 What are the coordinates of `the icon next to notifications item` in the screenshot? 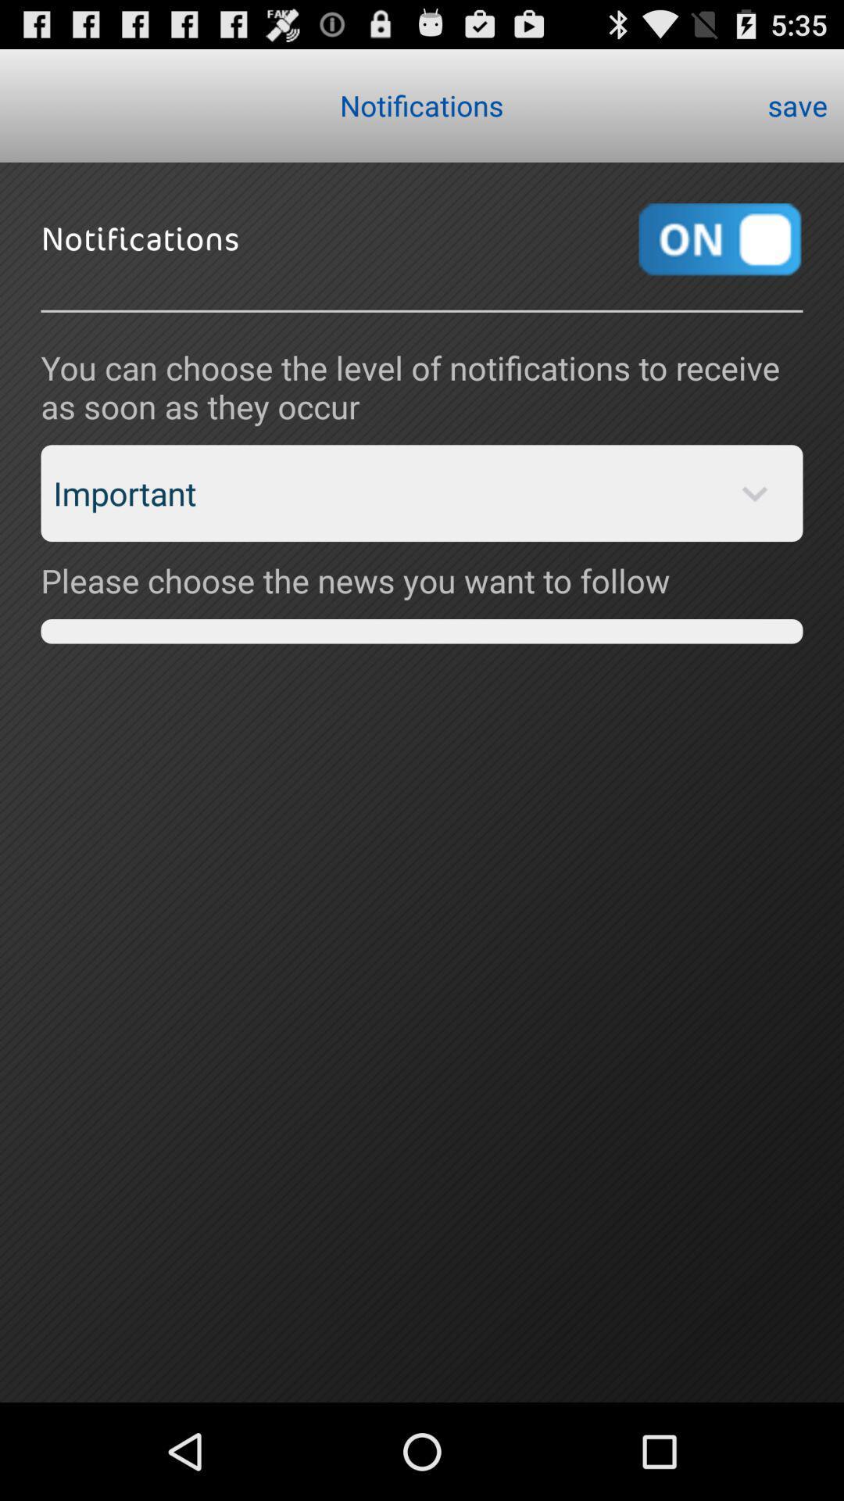 It's located at (797, 104).